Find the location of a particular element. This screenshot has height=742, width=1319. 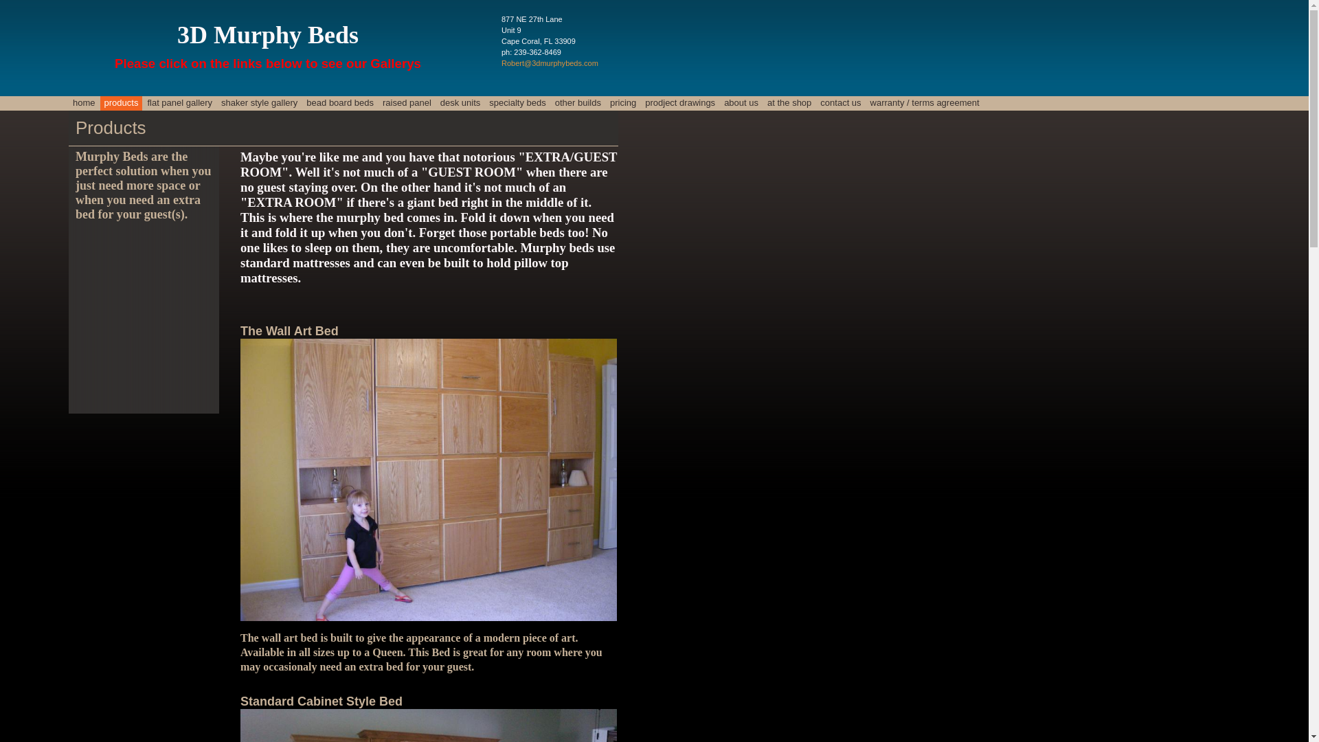

'about us' is located at coordinates (741, 102).